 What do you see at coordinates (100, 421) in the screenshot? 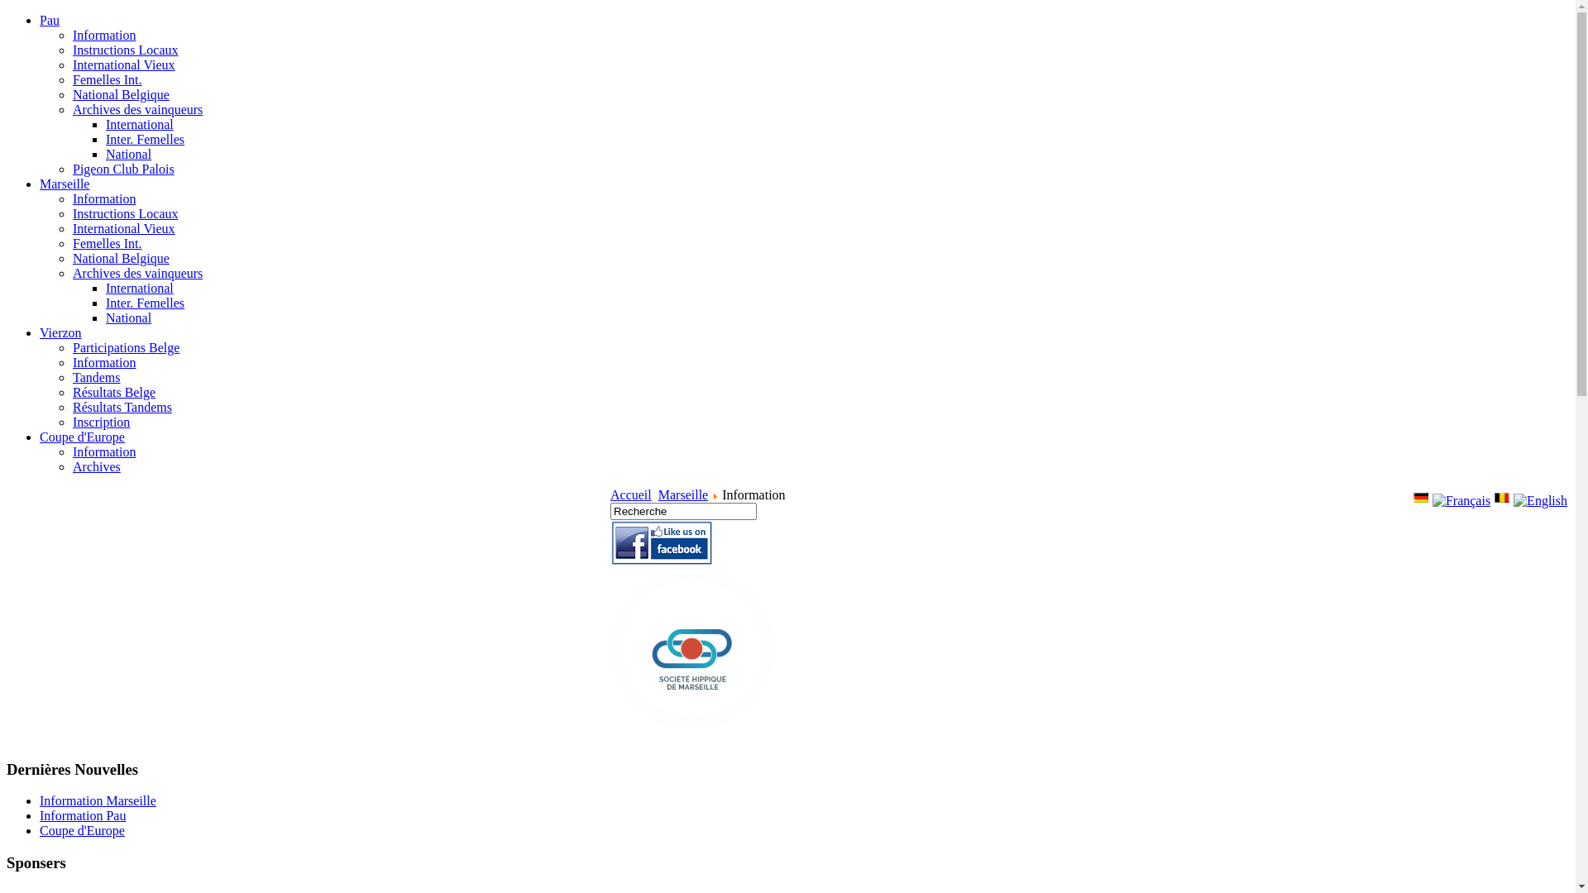
I see `'Inscription'` at bounding box center [100, 421].